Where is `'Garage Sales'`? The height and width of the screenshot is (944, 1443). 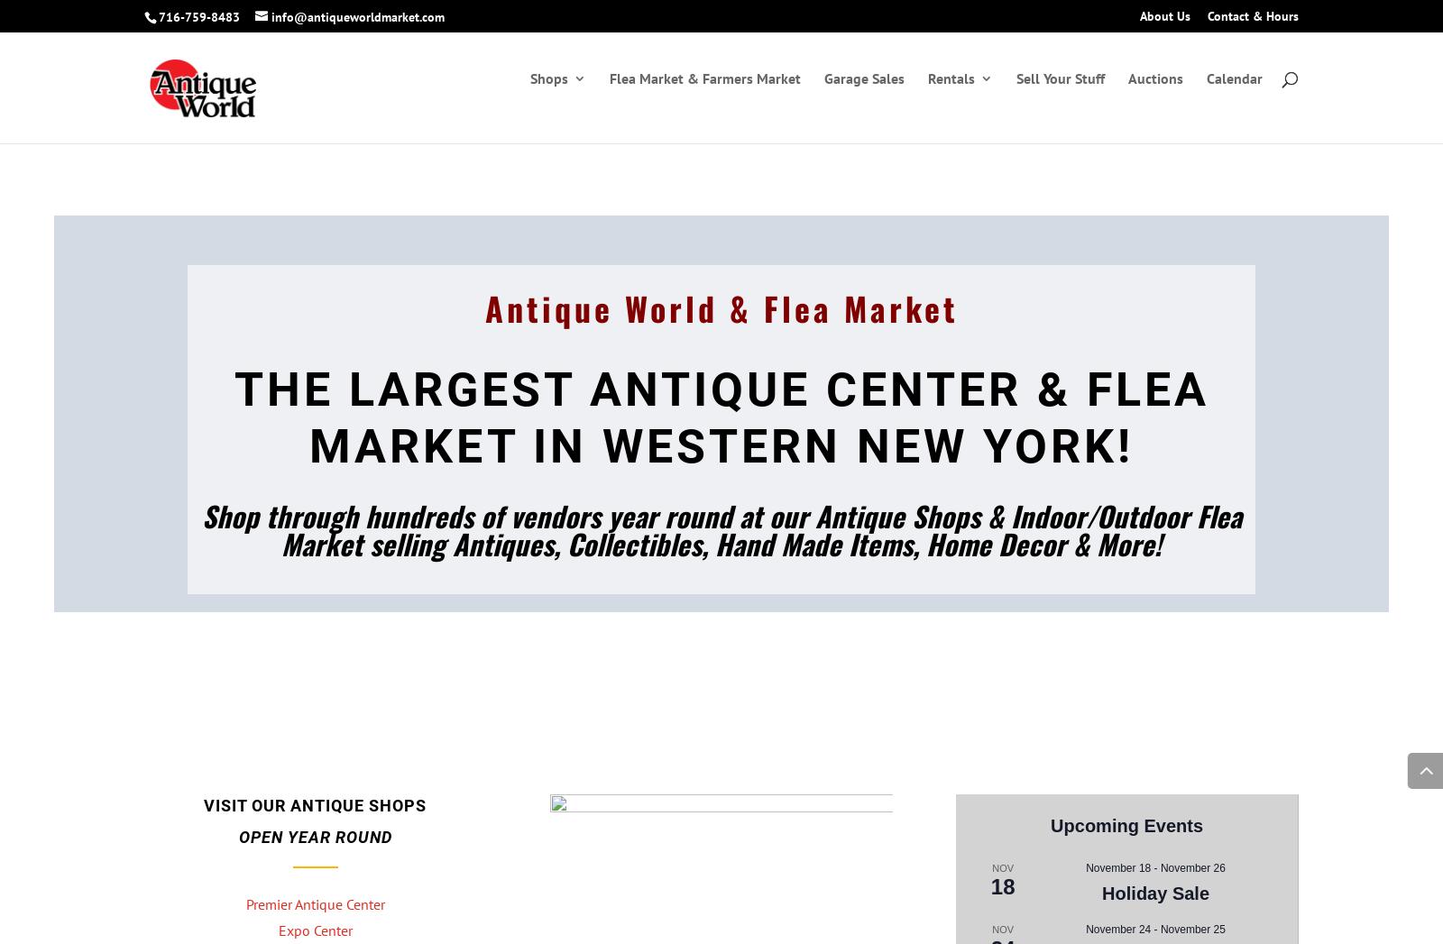
'Garage Sales' is located at coordinates (863, 96).